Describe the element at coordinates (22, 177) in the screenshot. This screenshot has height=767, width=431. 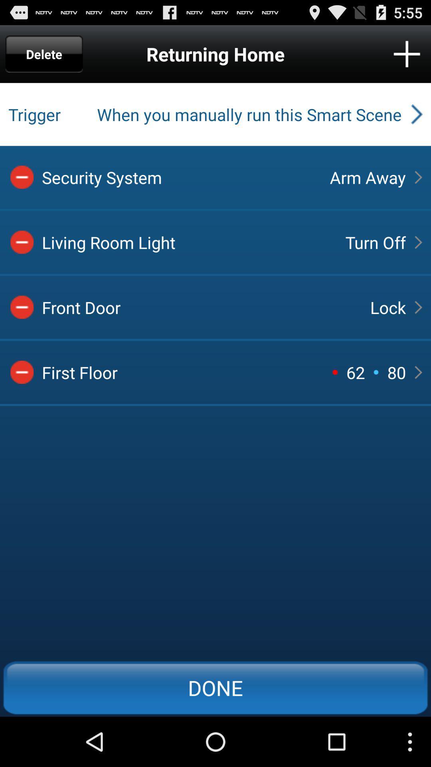
I see `delete security system trigger` at that location.